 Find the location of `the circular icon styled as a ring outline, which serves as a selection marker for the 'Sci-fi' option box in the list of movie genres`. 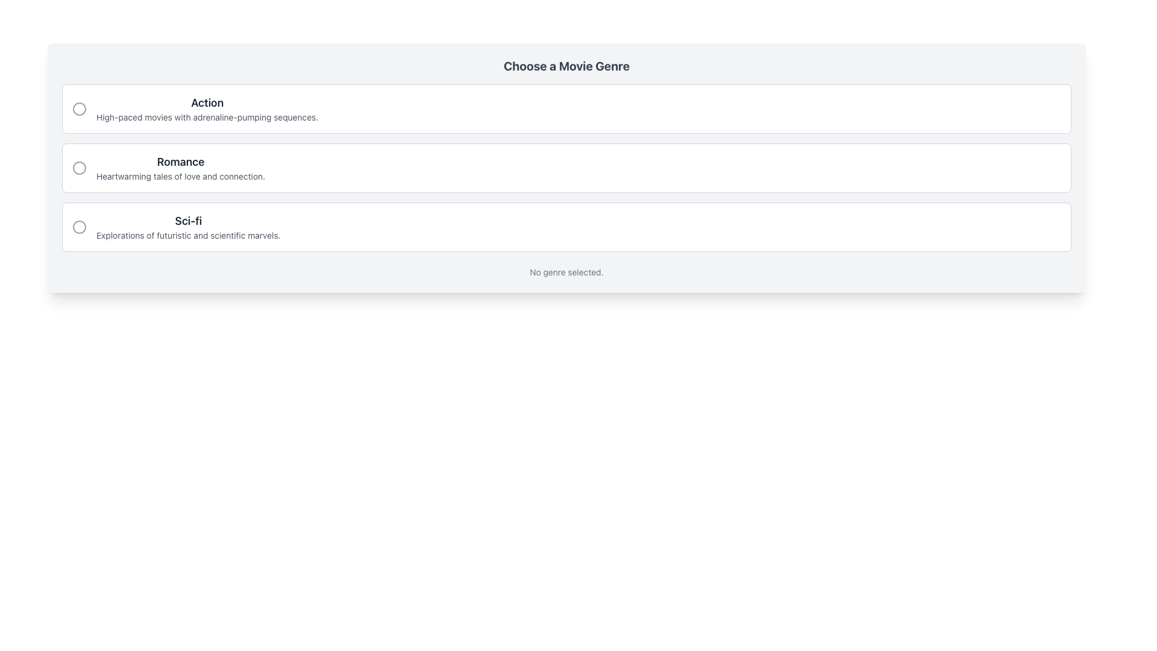

the circular icon styled as a ring outline, which serves as a selection marker for the 'Sci-fi' option box in the list of movie genres is located at coordinates (79, 227).